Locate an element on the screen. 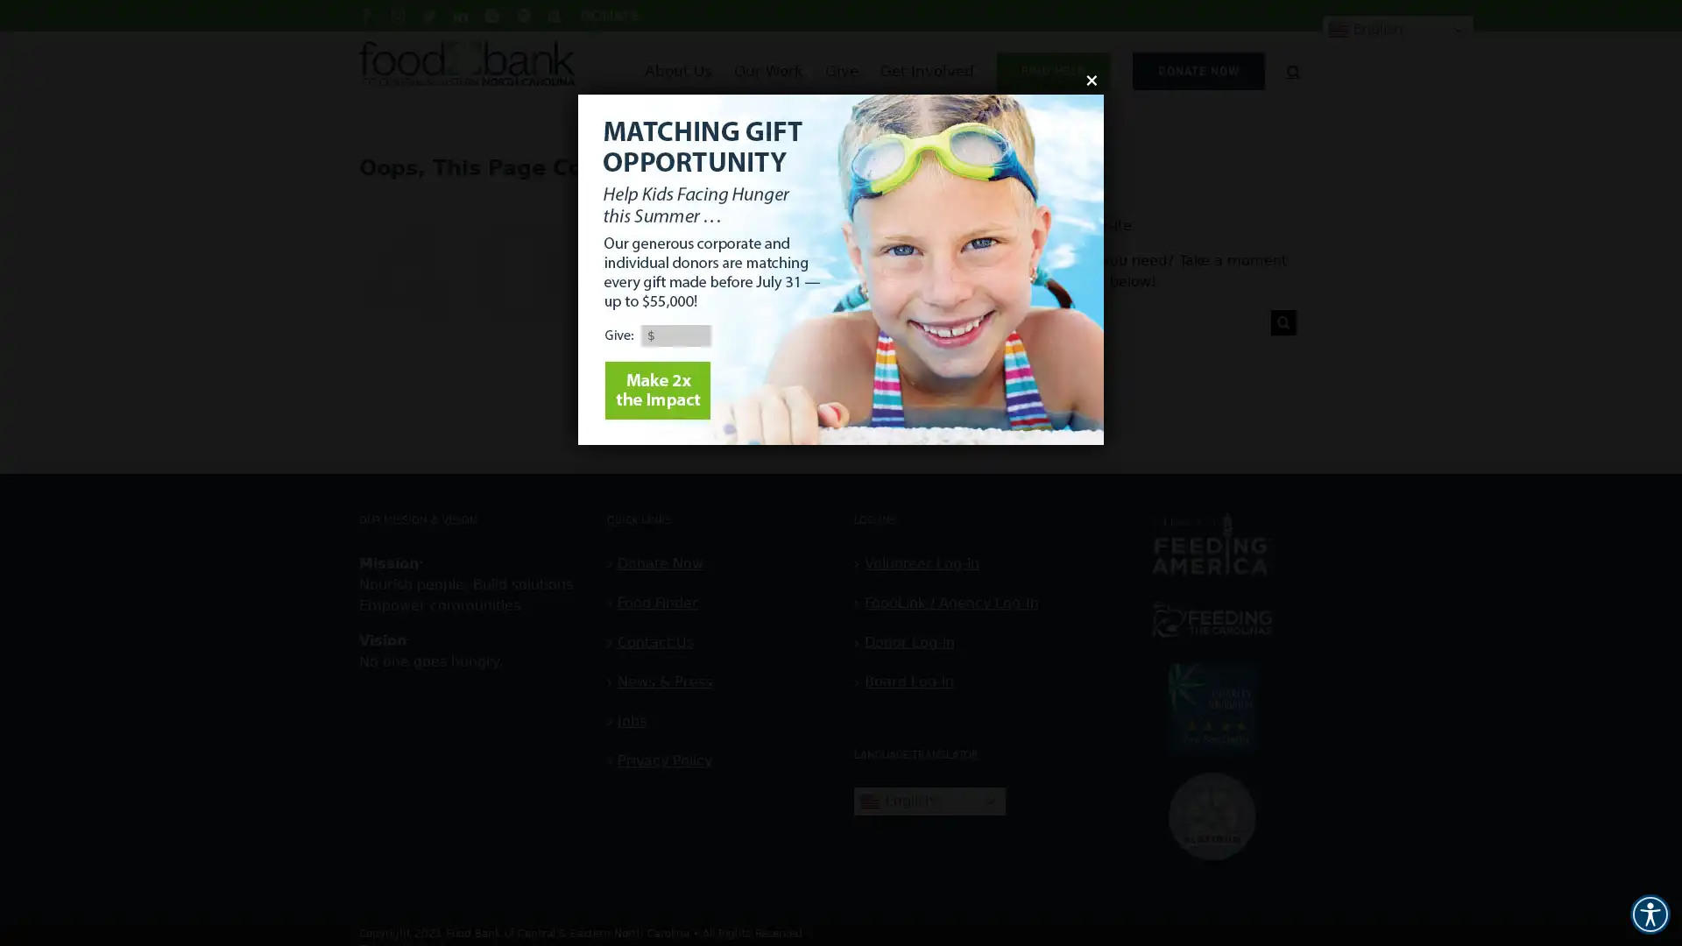 This screenshot has height=946, width=1682. Accessibility Menu is located at coordinates (1649, 914).